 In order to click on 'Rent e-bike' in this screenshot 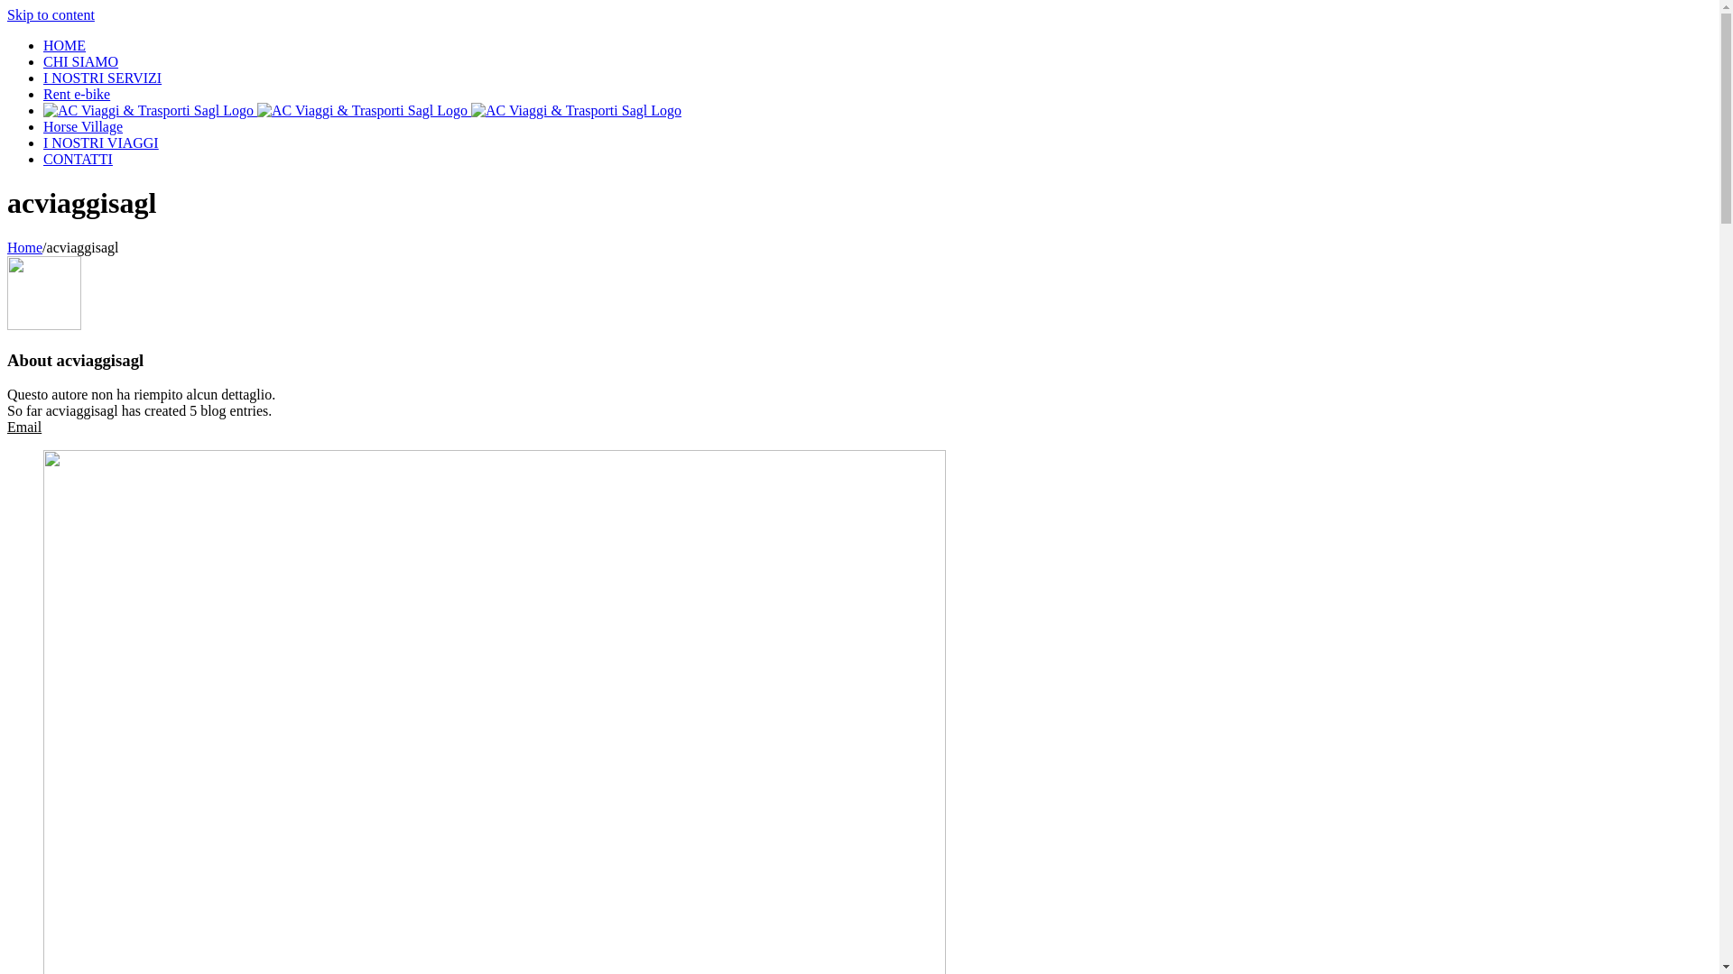, I will do `click(76, 94)`.